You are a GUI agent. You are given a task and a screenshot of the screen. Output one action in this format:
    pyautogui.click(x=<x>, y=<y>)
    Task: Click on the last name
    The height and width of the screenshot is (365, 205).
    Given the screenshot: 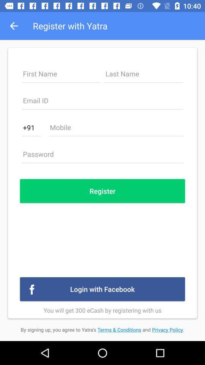 What is the action you would take?
    pyautogui.click(x=143, y=76)
    